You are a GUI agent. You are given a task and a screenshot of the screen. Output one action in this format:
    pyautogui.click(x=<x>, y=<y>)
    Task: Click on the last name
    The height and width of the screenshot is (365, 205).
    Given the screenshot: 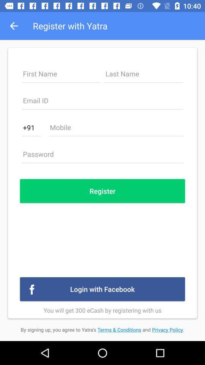 What is the action you would take?
    pyautogui.click(x=143, y=76)
    